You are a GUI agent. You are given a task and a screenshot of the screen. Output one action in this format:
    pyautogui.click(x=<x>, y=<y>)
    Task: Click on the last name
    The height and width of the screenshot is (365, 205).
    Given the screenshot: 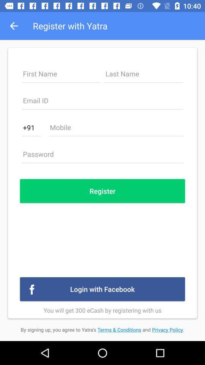 What is the action you would take?
    pyautogui.click(x=143, y=76)
    